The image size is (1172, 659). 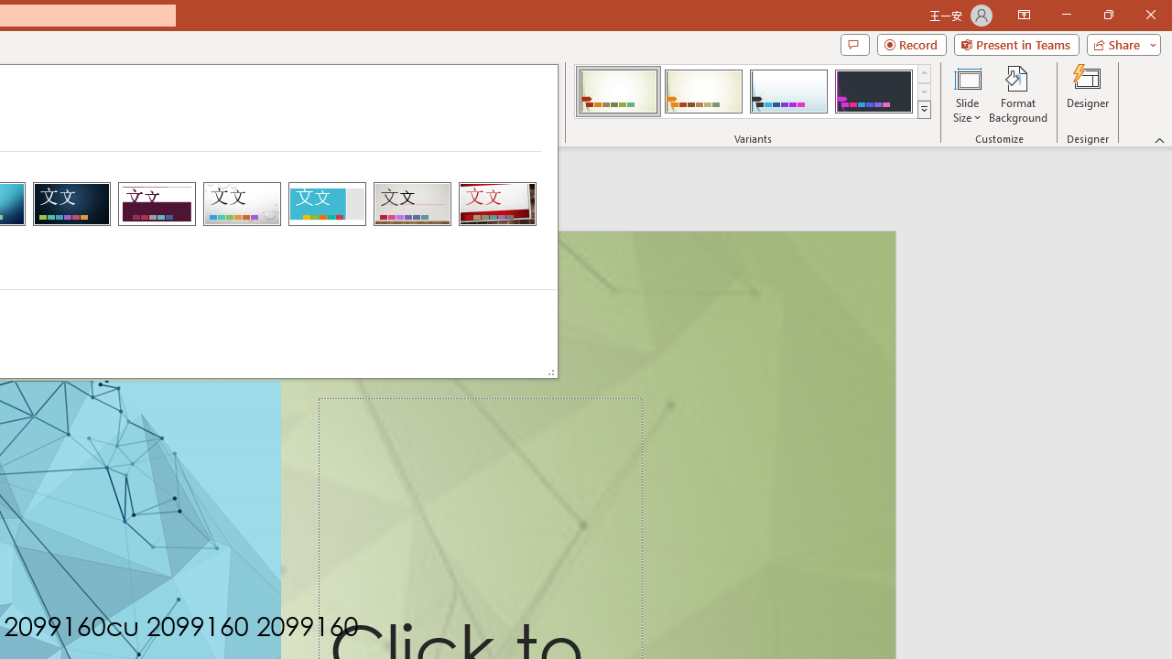 I want to click on 'Wisp Variant 2', so click(x=702, y=92).